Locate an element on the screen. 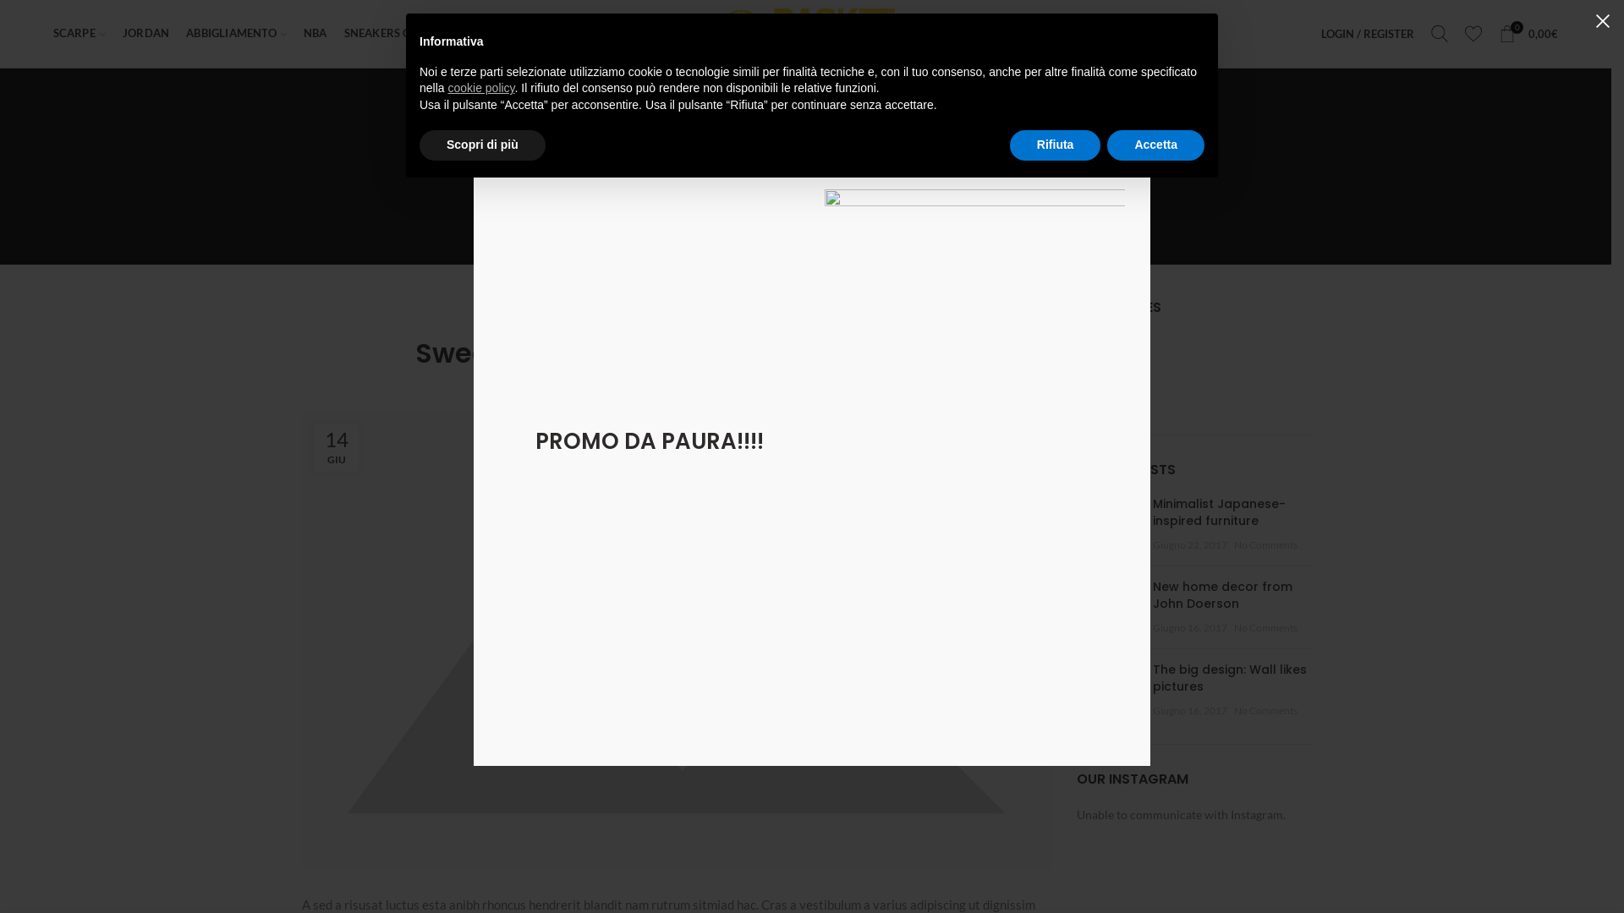 This screenshot has width=1624, height=913. '14 is located at coordinates (337, 446).